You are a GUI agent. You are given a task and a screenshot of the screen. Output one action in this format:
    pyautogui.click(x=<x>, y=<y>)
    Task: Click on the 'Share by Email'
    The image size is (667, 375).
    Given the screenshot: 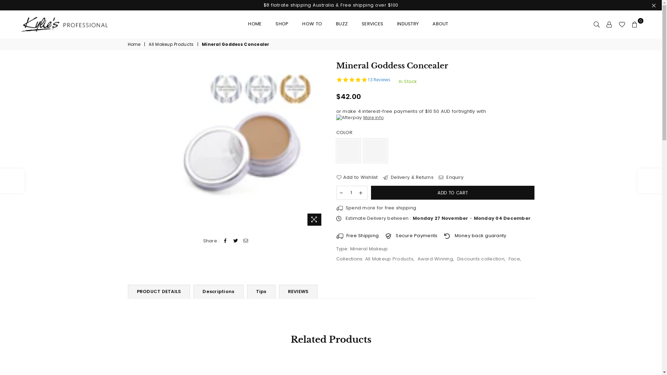 What is the action you would take?
    pyautogui.click(x=246, y=241)
    